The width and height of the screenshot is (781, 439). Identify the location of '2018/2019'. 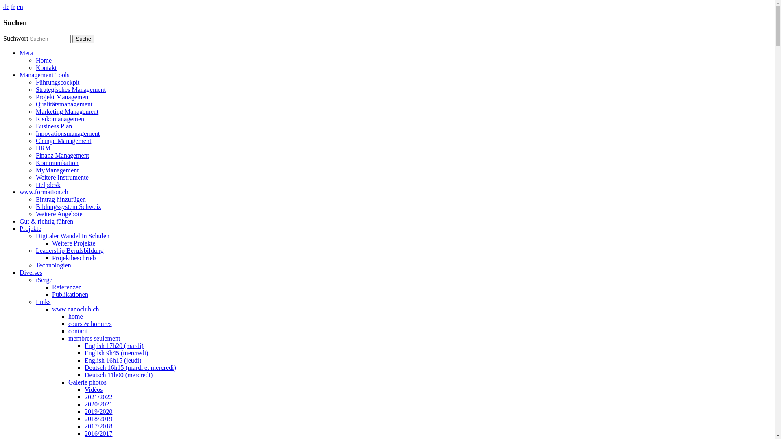
(98, 419).